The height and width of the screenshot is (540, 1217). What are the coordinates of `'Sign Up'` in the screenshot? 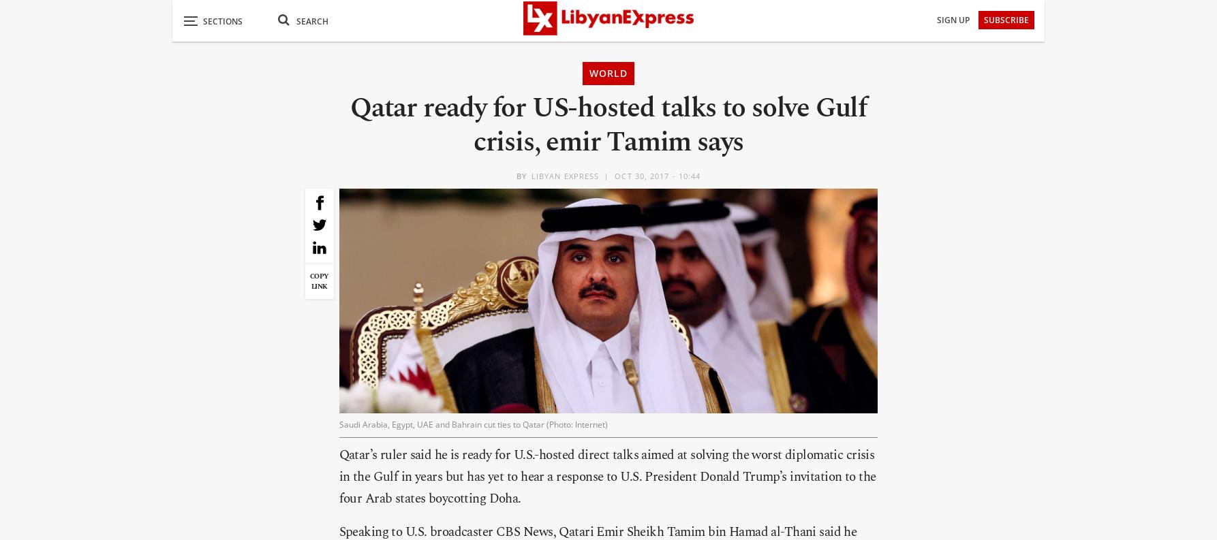 It's located at (936, 19).